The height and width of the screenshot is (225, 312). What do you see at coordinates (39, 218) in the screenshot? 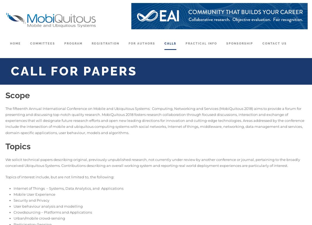
I see `'Urban/mobile crowd-sensing'` at bounding box center [39, 218].